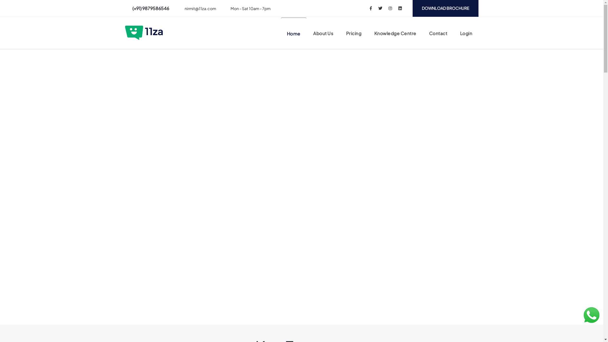  What do you see at coordinates (353, 33) in the screenshot?
I see `'Pricing'` at bounding box center [353, 33].